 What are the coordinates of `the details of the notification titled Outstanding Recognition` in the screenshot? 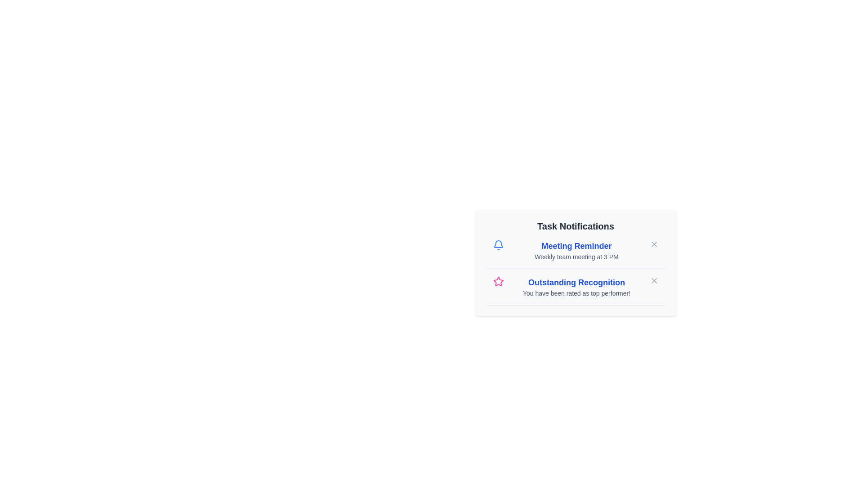 It's located at (576, 282).